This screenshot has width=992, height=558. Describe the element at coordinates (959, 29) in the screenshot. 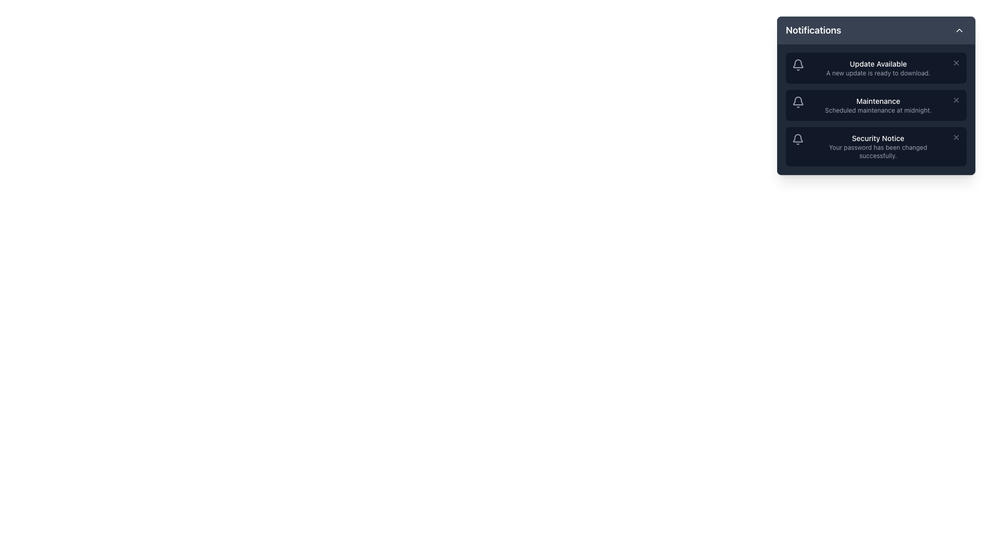

I see `the small circular button with an upward chevron icon located at the top-right corner of the 'Notifications' section header to visualize the hover effect` at that location.